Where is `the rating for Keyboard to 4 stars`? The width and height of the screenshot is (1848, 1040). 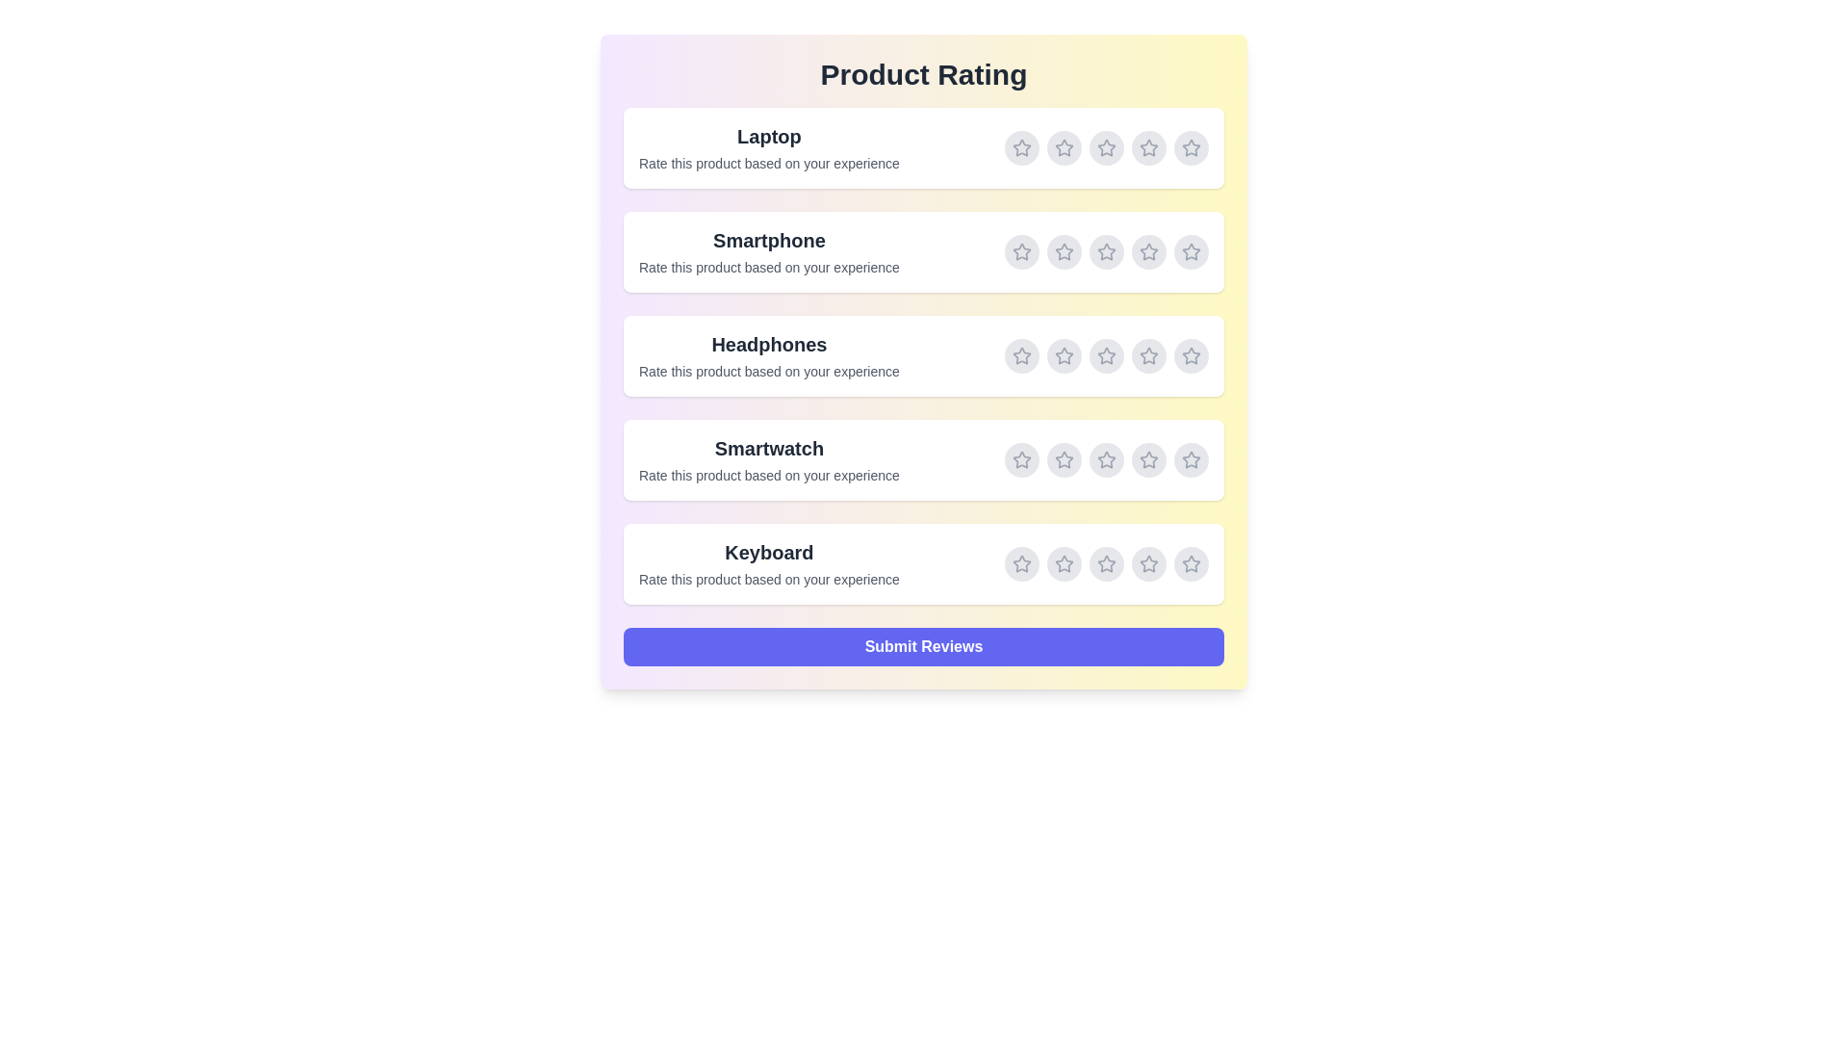
the rating for Keyboard to 4 stars is located at coordinates (1149, 563).